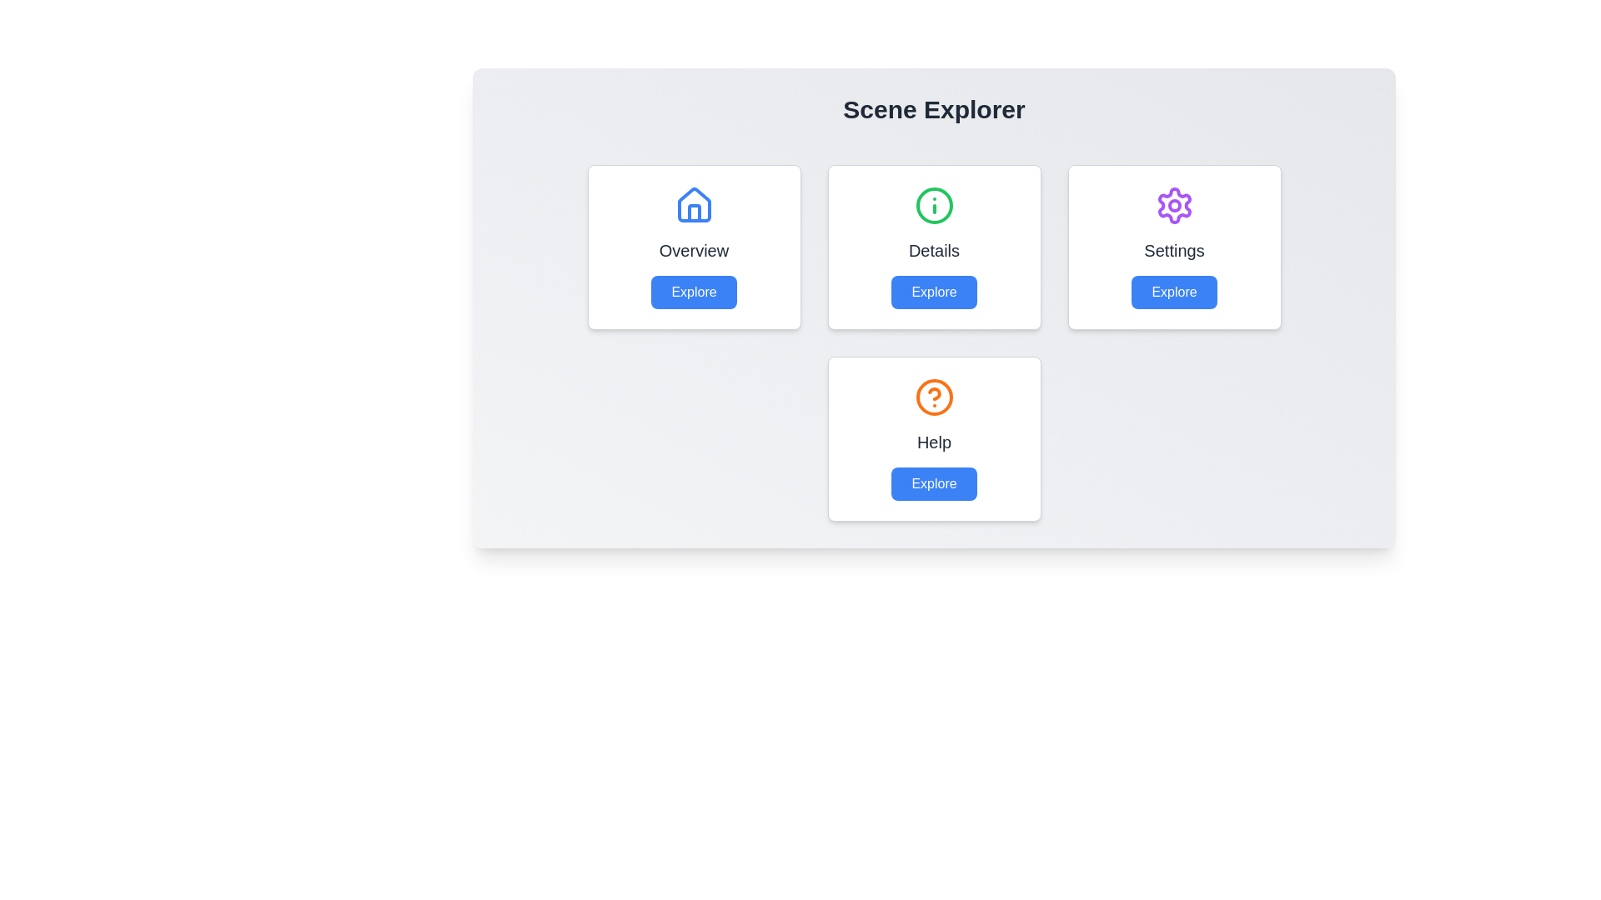  Describe the element at coordinates (1173, 250) in the screenshot. I see `the text label indicating the purpose of the card, which is located in the top-right white card layout, beneath the purple cogwheel icon and above the blue 'Explore' button` at that location.